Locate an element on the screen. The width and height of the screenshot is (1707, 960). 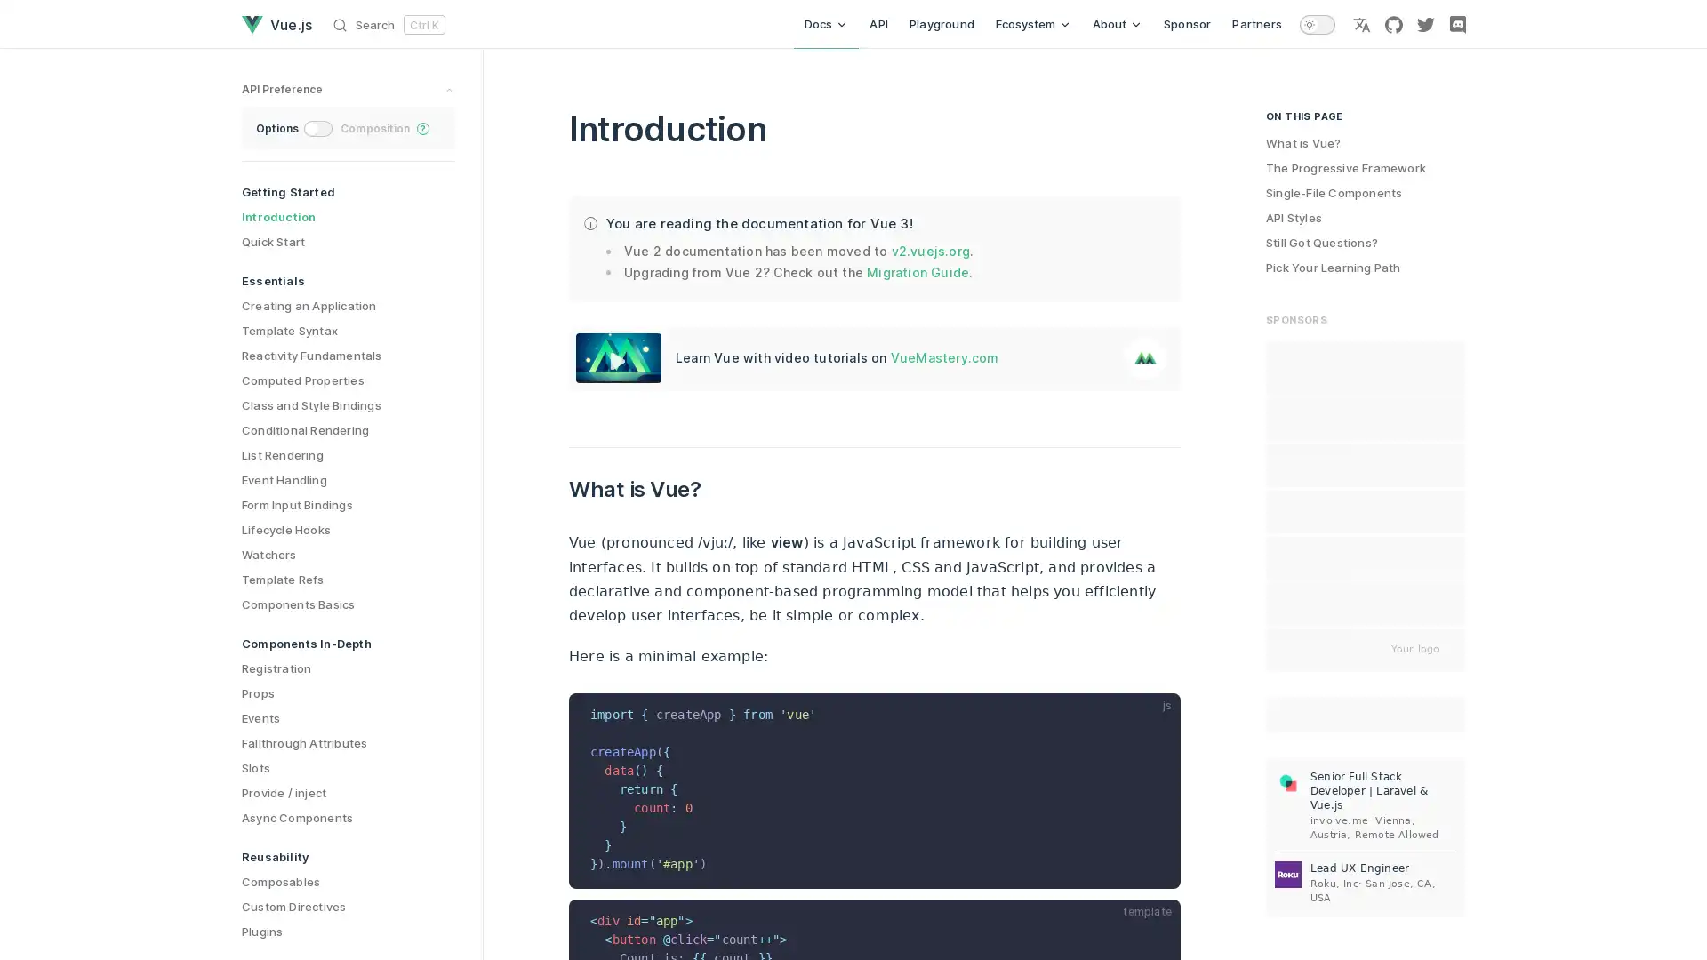
preference switches toggle is located at coordinates (348, 90).